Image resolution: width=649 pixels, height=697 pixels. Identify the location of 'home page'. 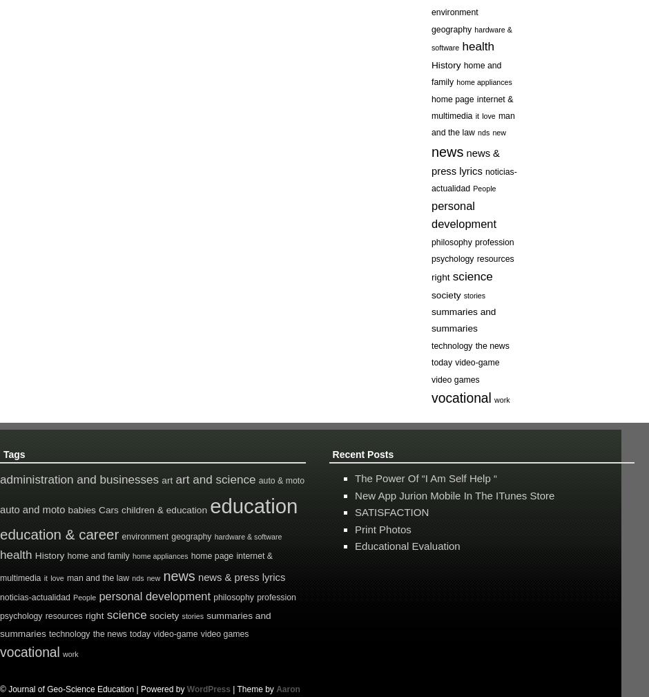
(211, 555).